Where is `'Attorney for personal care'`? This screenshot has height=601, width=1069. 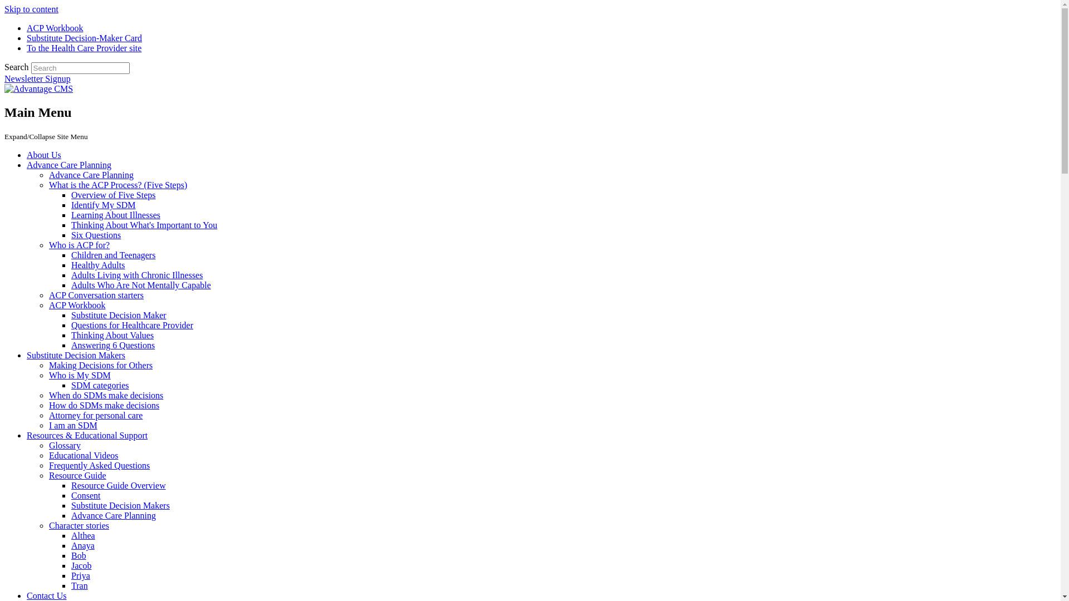
'Attorney for personal care' is located at coordinates (96, 415).